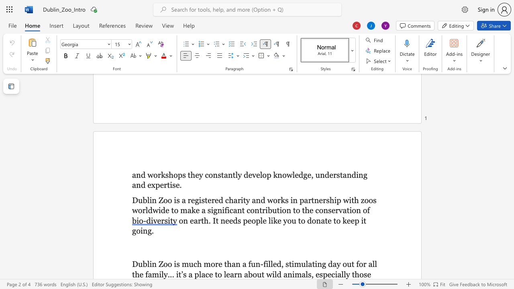 This screenshot has height=289, width=514. I want to click on the 4th character "o" in the text, so click(302, 220).